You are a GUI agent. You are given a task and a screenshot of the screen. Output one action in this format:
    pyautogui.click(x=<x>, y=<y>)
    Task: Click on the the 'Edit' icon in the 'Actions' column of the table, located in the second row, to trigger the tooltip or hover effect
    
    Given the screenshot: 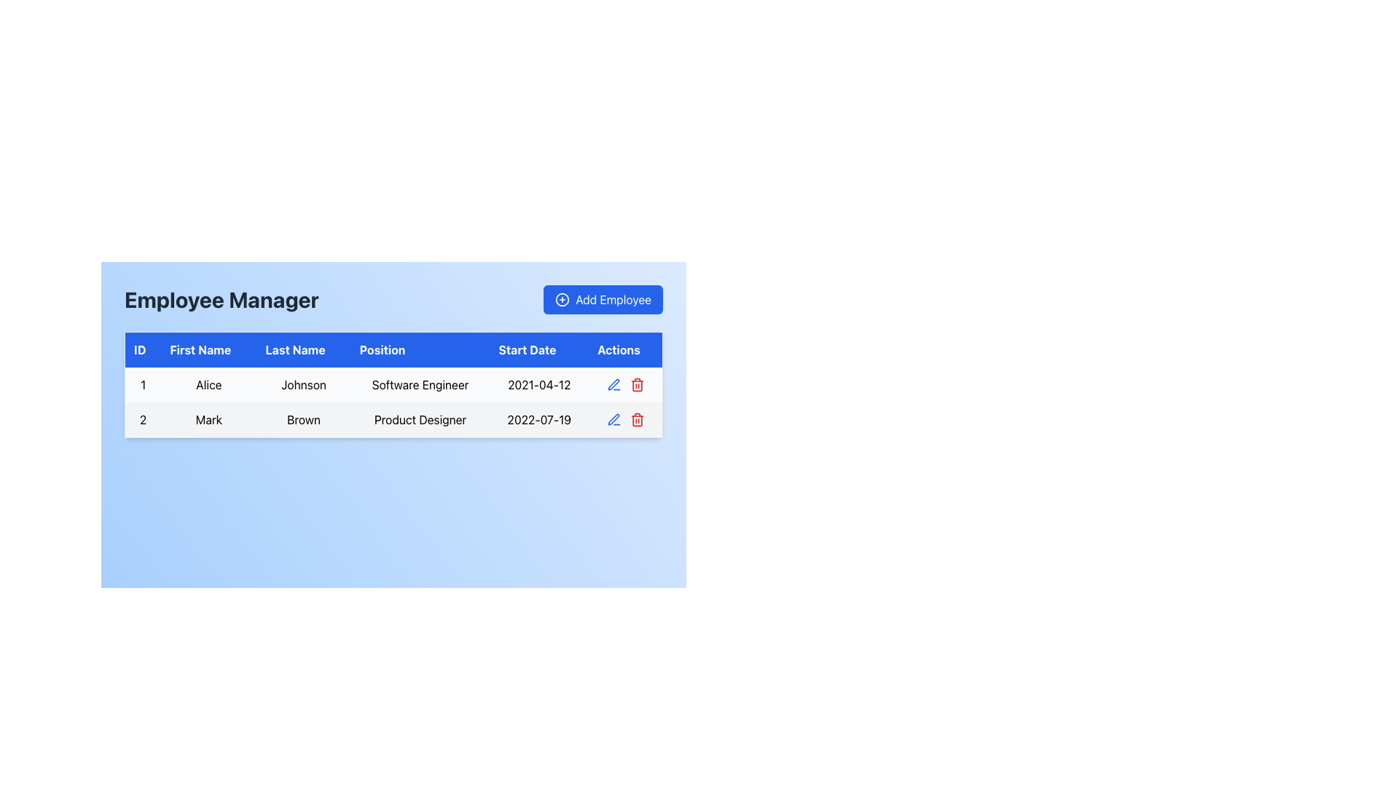 What is the action you would take?
    pyautogui.click(x=614, y=384)
    